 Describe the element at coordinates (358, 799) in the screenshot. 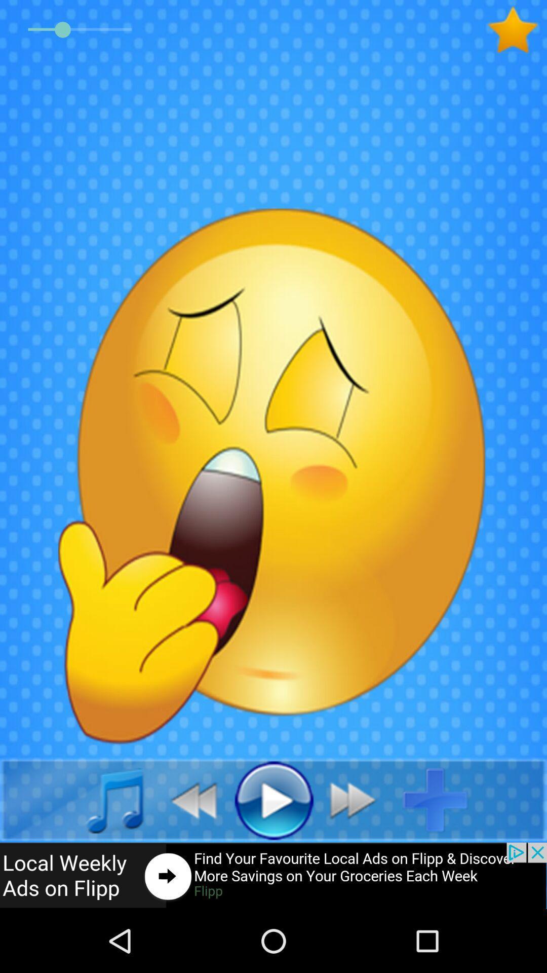

I see `go forward` at that location.